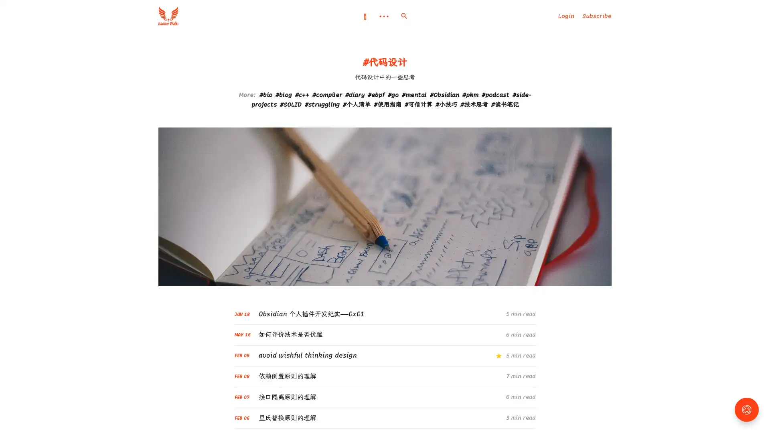  Describe the element at coordinates (404, 16) in the screenshot. I see `Search` at that location.